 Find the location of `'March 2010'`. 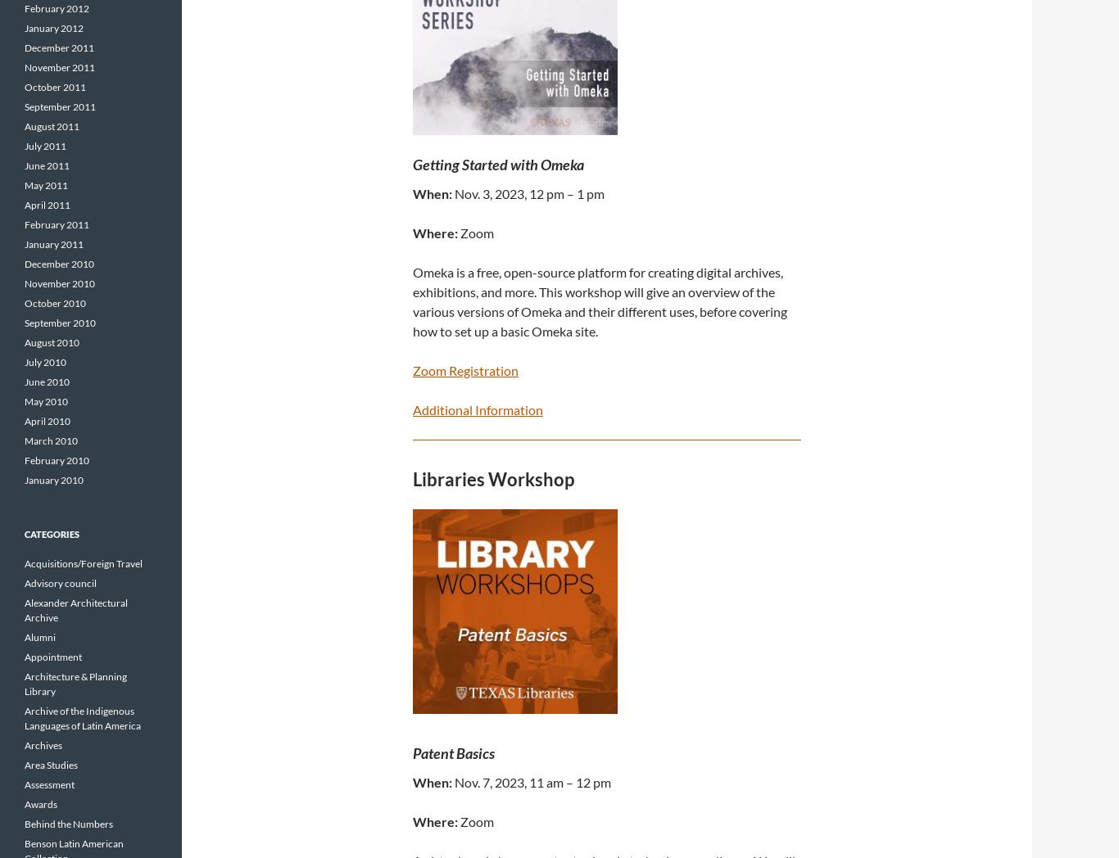

'March 2010' is located at coordinates (51, 440).